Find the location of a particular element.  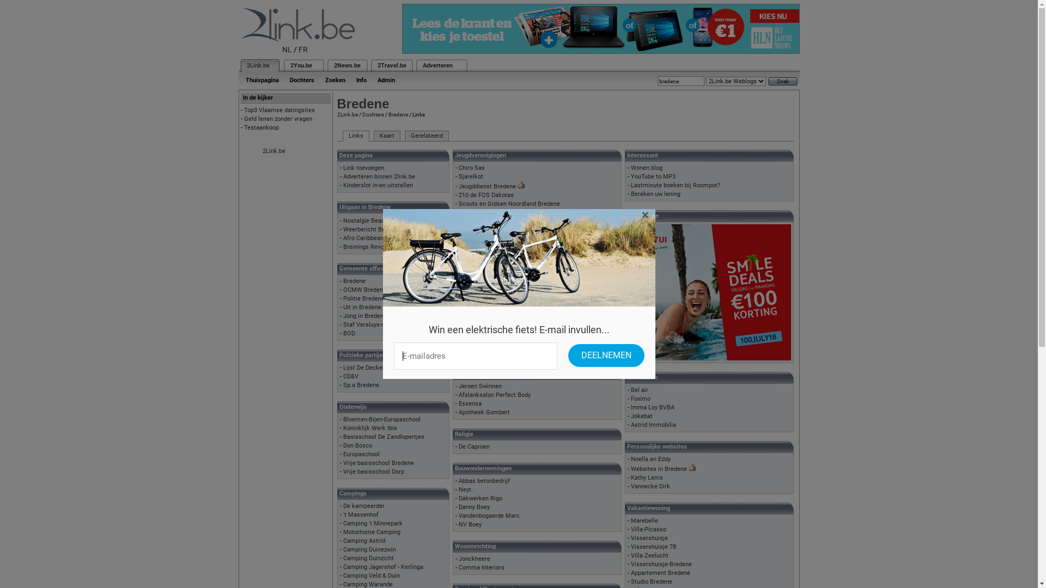

'Uit in Bredene' is located at coordinates (362, 307).